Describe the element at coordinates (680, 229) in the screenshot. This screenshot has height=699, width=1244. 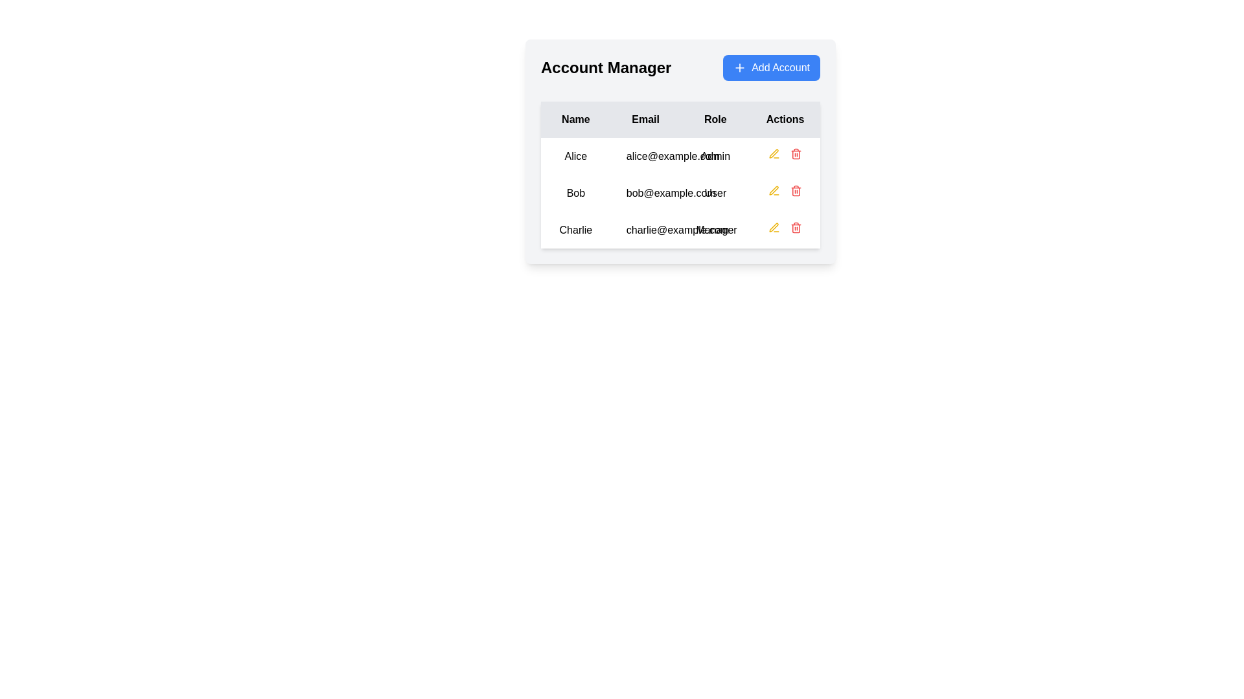
I see `displayed information in the third row of the table under the 'Account Manager' section, which includes details about Charlie, such as their name, email, and role` at that location.